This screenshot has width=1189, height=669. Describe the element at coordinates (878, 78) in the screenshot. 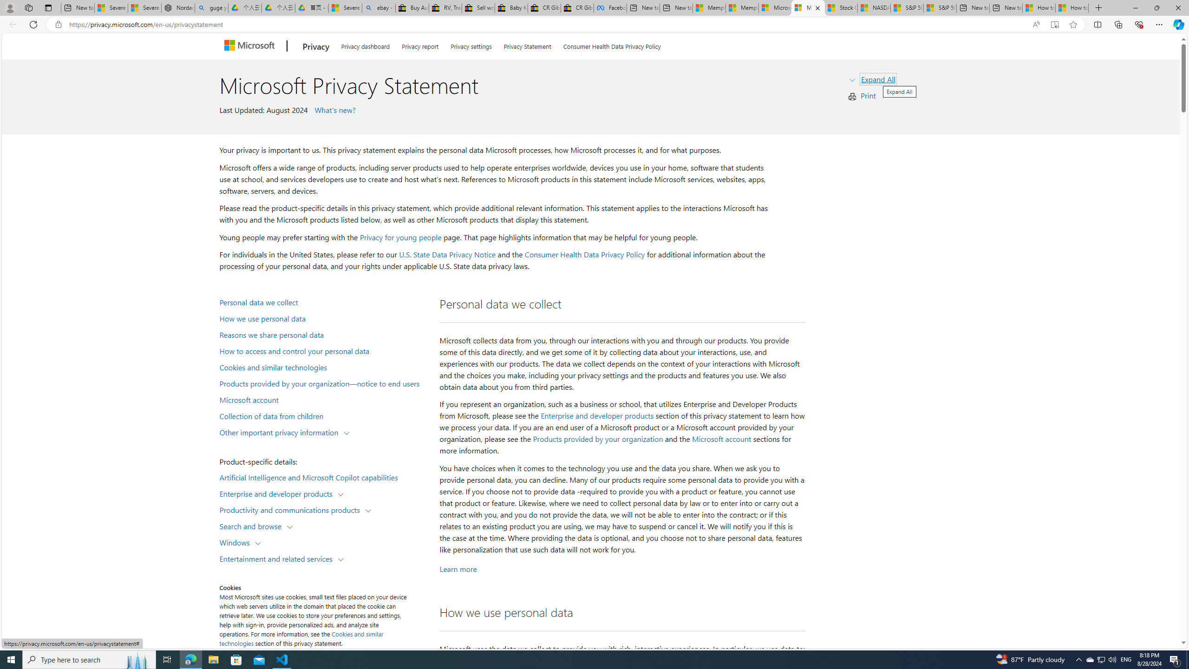

I see `'Expand All'` at that location.